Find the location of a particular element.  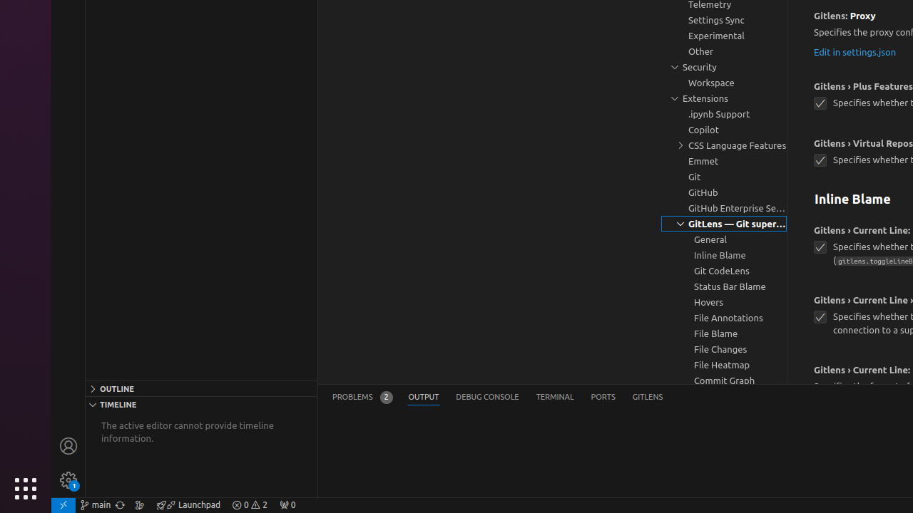

'remote' is located at coordinates (62, 504).